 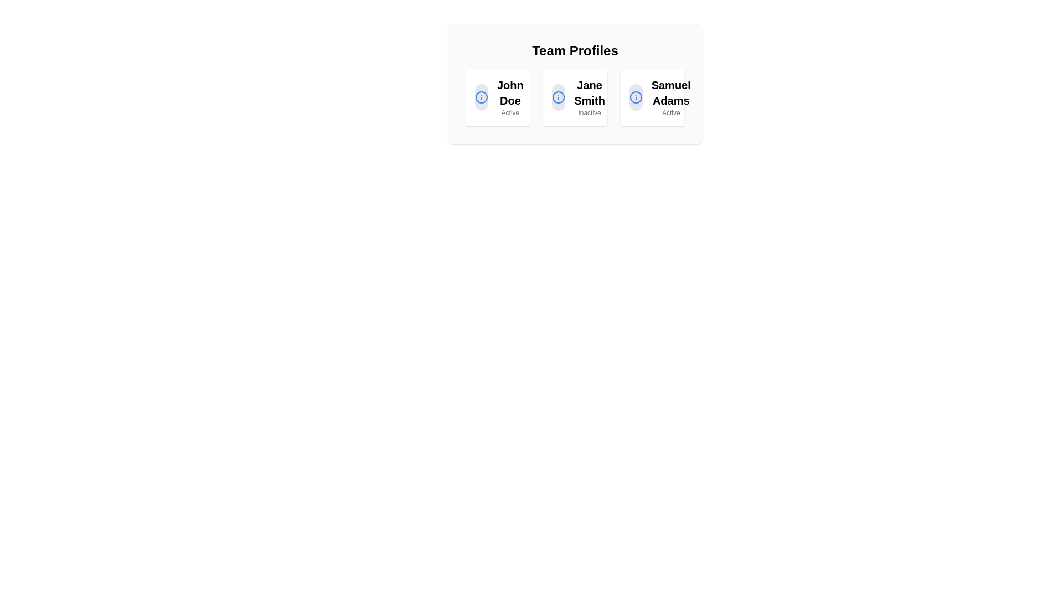 I want to click on the circular SVG-based icon with a blue outer circle and an information symbol, located at the top of Jane Smith's profile card, so click(x=559, y=97).